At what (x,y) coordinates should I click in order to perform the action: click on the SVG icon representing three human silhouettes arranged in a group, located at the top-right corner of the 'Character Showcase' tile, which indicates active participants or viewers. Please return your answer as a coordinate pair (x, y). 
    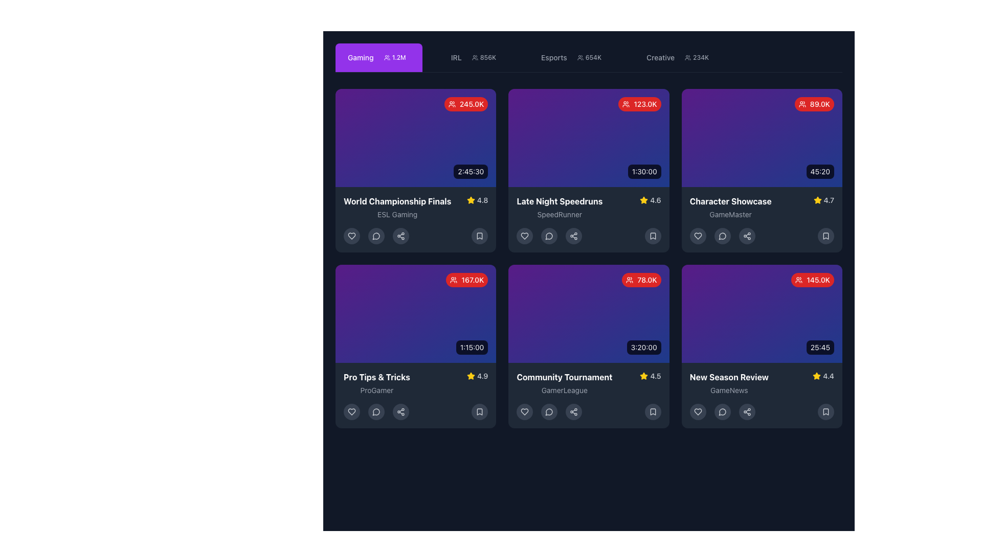
    Looking at the image, I should click on (801, 104).